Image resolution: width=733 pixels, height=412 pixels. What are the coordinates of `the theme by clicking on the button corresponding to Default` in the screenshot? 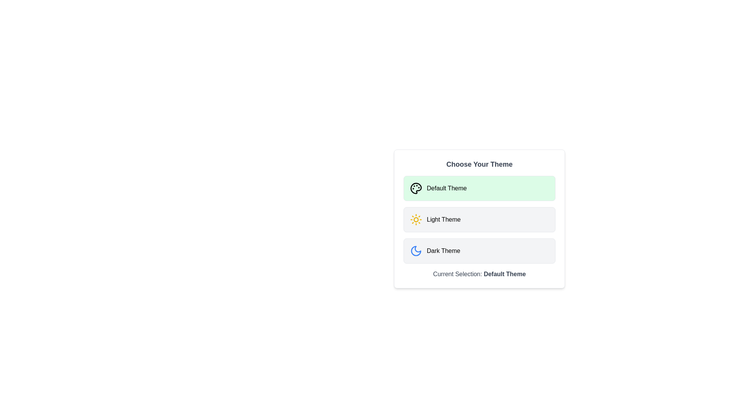 It's located at (479, 188).